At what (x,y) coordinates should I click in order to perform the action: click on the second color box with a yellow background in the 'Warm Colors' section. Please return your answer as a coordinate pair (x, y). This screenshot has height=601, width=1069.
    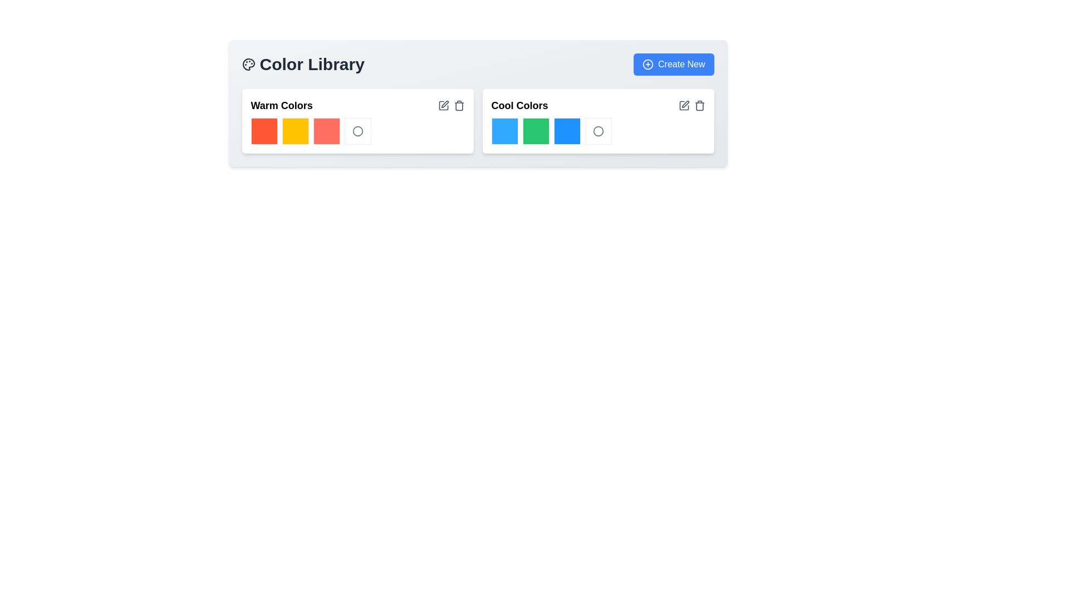
    Looking at the image, I should click on (295, 130).